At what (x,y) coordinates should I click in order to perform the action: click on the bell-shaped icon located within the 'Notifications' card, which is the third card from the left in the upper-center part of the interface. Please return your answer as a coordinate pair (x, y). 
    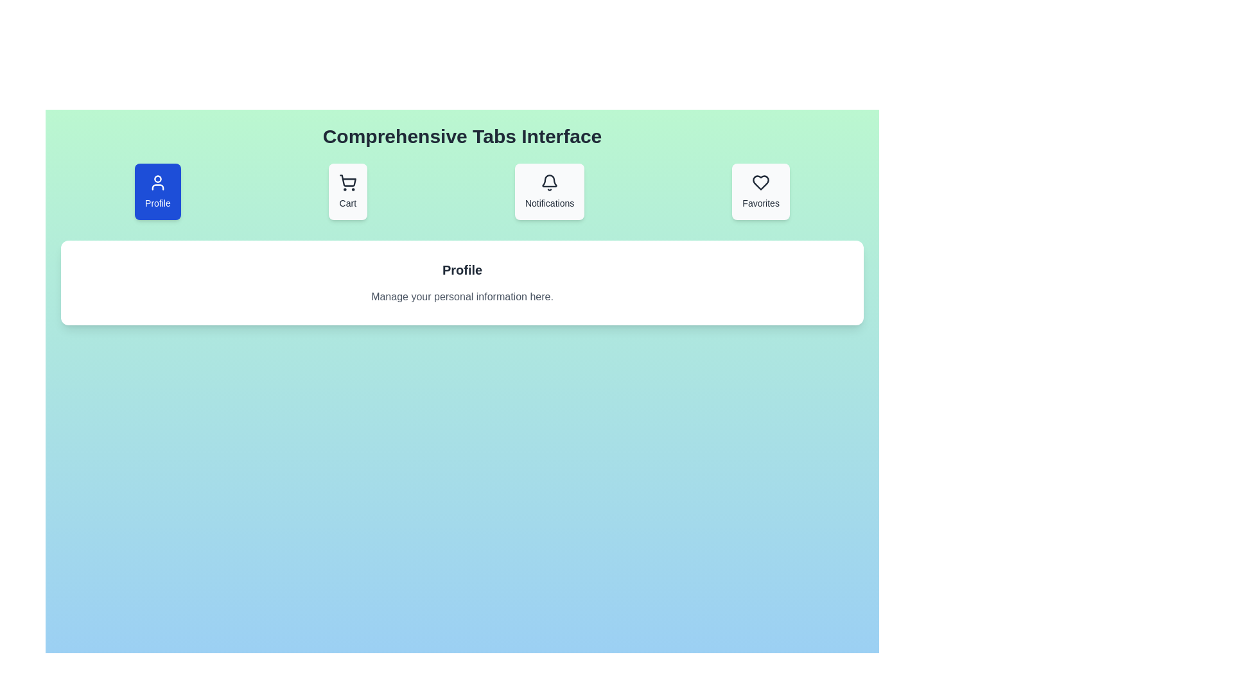
    Looking at the image, I should click on (549, 183).